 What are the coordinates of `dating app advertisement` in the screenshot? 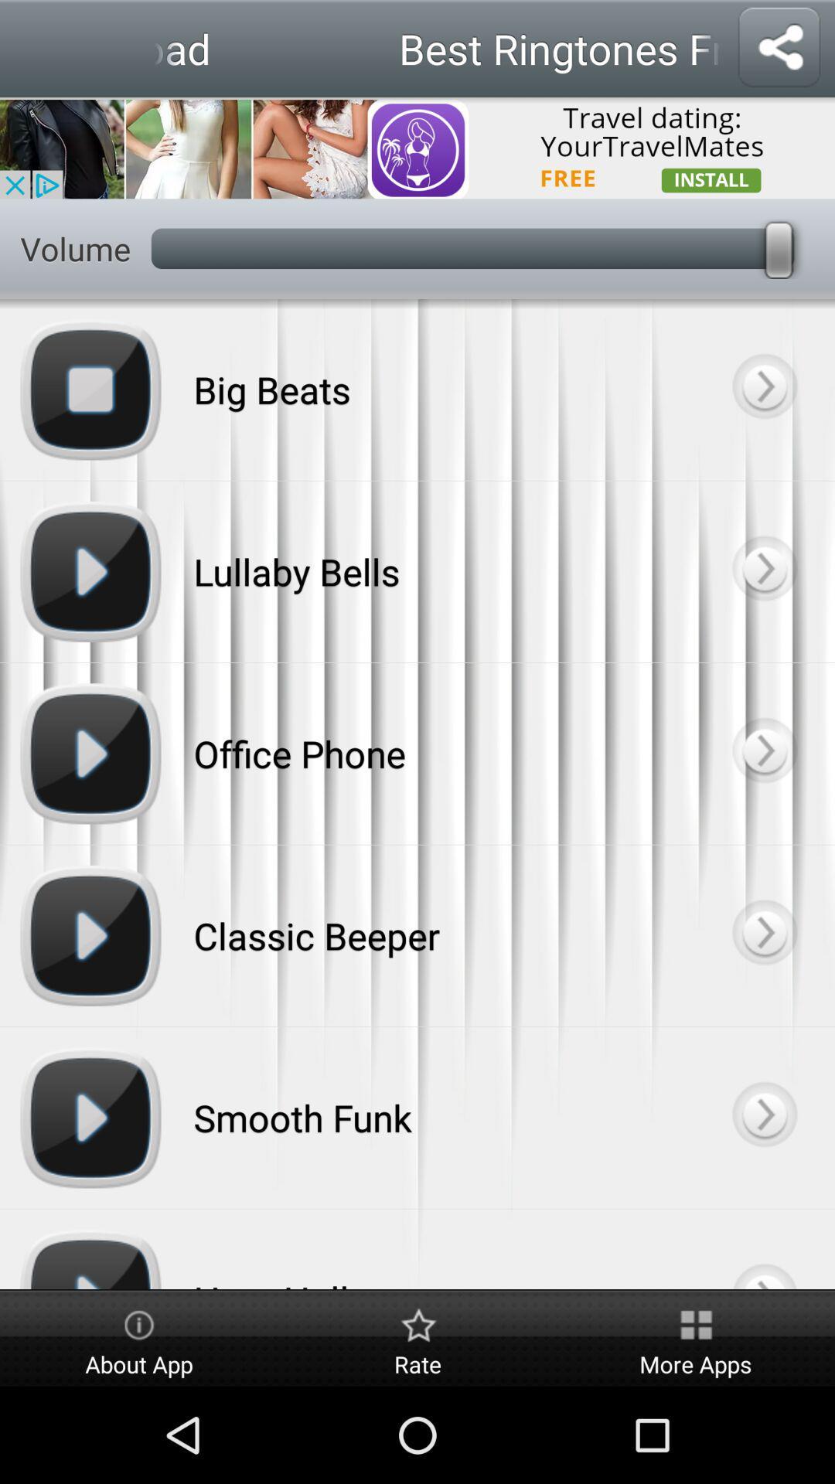 It's located at (417, 148).